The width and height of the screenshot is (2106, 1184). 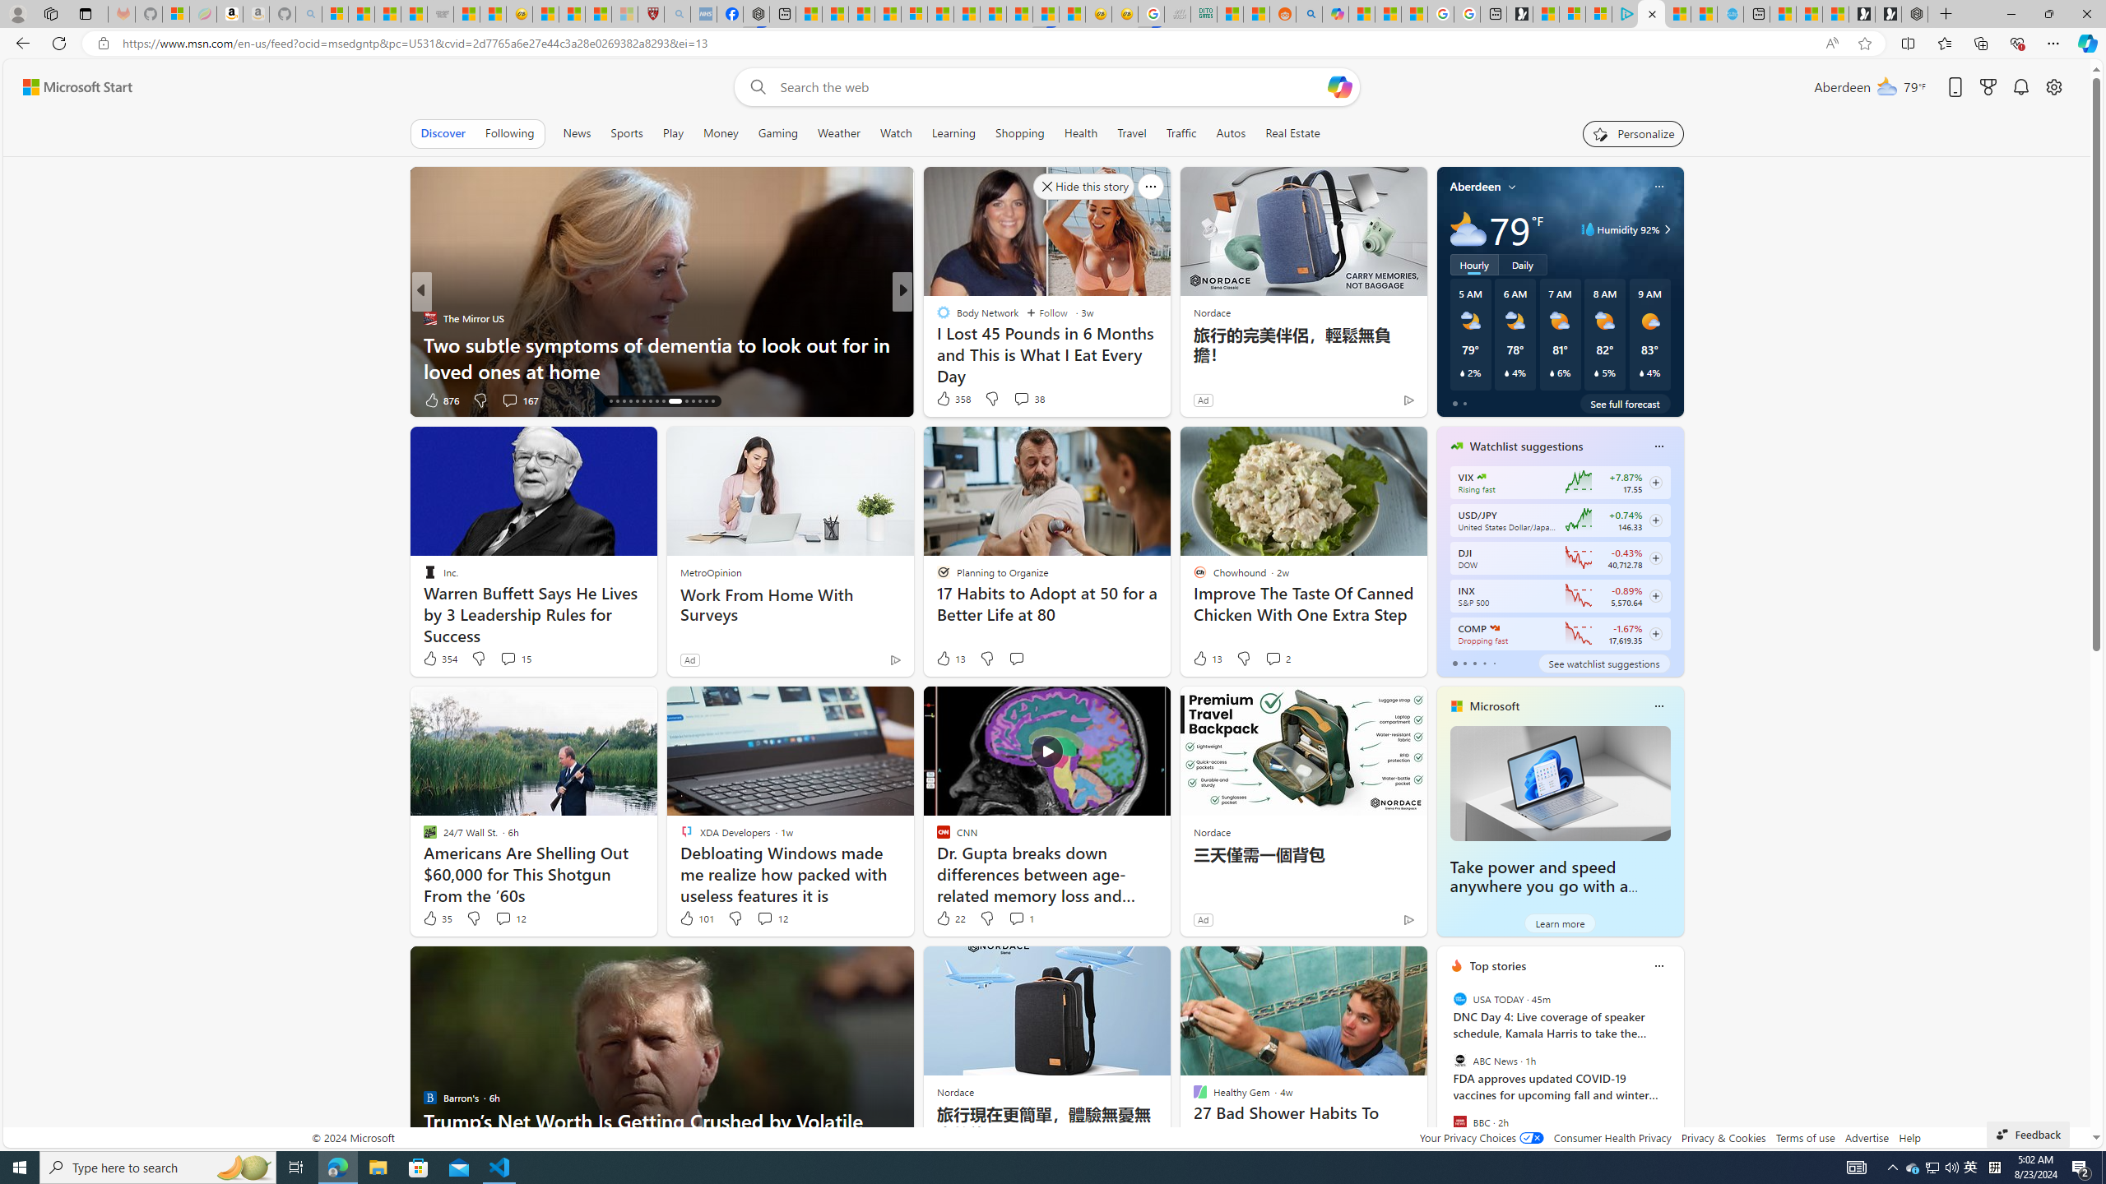 What do you see at coordinates (1459, 998) in the screenshot?
I see `'USA TODAY'` at bounding box center [1459, 998].